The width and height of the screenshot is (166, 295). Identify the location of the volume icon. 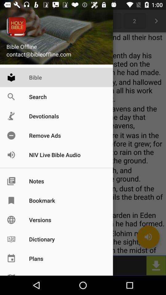
(148, 236).